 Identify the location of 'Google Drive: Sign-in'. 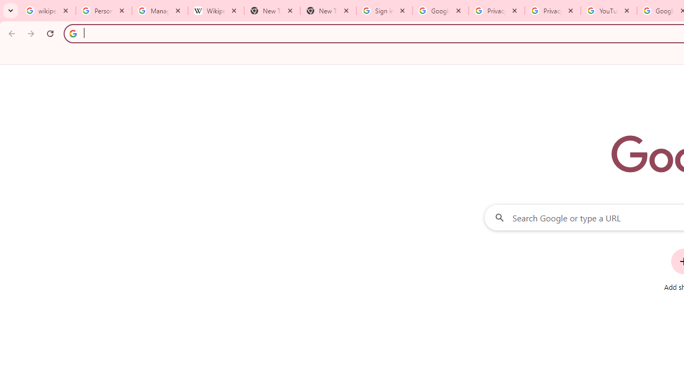
(440, 11).